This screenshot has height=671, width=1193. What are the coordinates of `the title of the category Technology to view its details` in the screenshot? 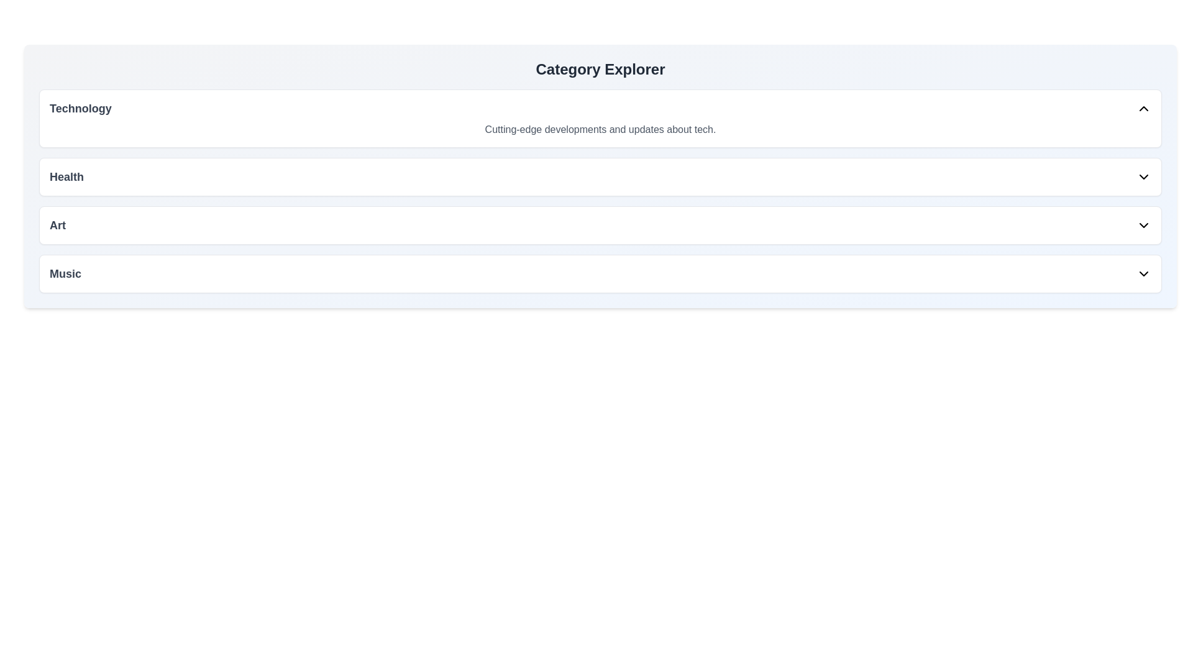 It's located at (80, 107).